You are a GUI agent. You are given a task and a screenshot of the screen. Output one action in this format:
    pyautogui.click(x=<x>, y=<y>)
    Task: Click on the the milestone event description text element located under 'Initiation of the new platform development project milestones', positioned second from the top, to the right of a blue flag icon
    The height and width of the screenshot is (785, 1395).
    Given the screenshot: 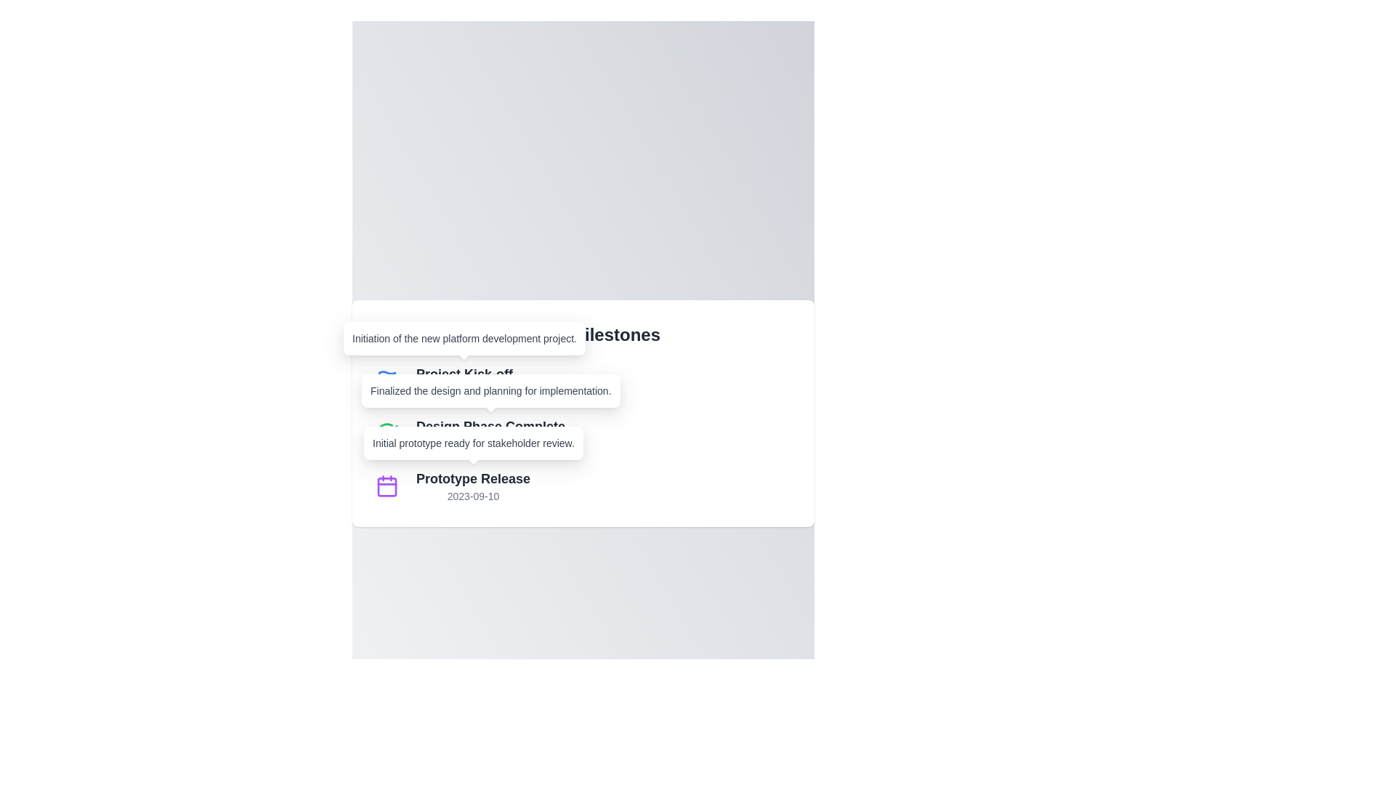 What is the action you would take?
    pyautogui.click(x=464, y=380)
    